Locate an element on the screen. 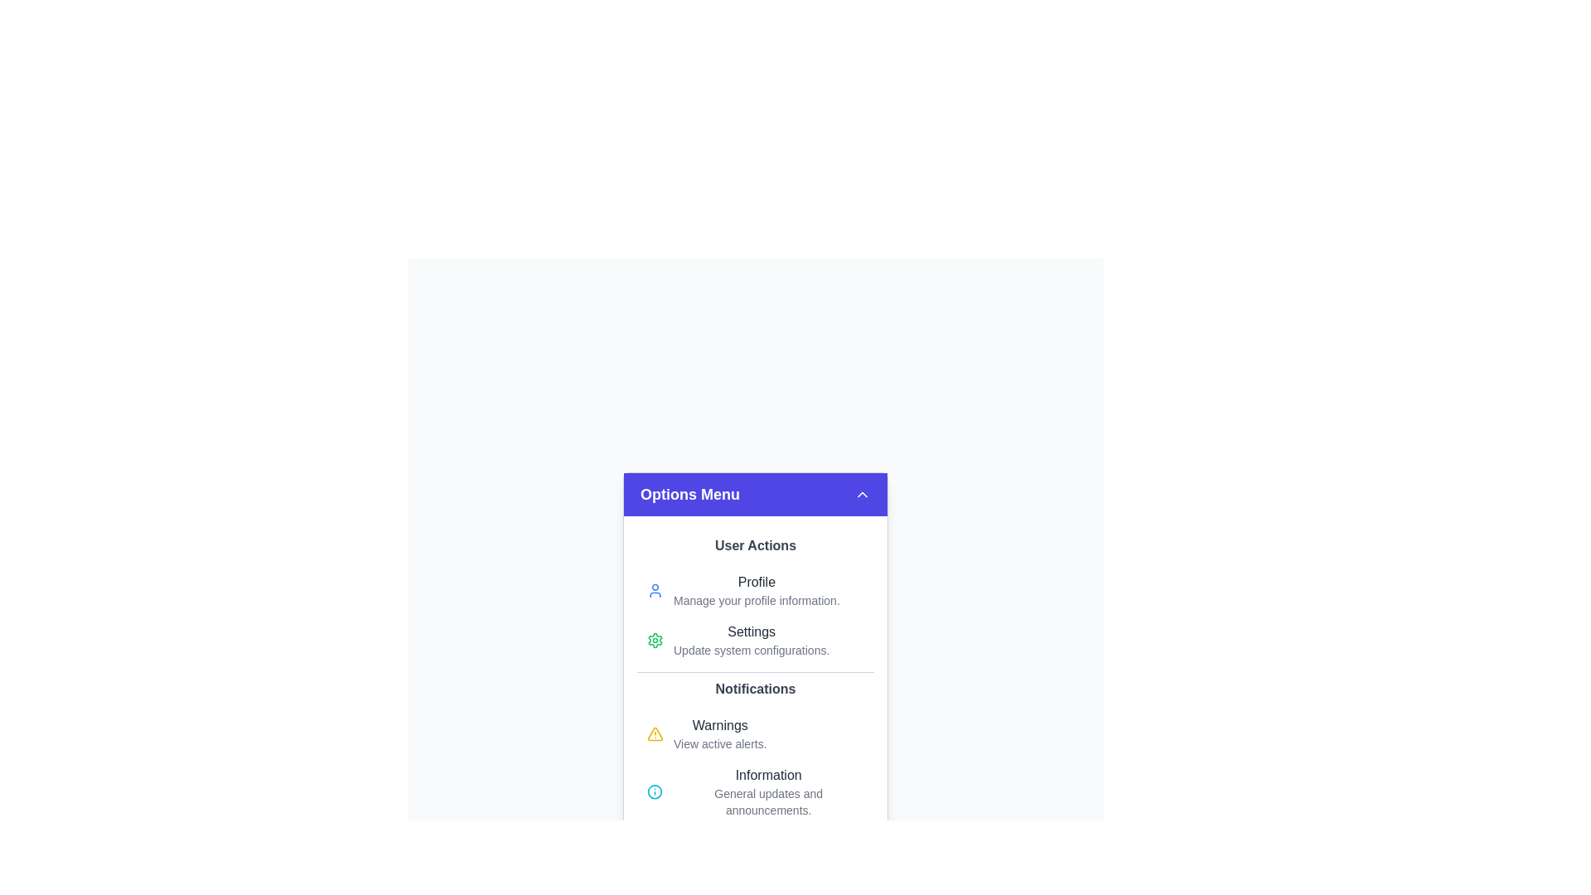 The image size is (1591, 895). the text label that serves as a heading for the configured options related to system settings in the User Actions category is located at coordinates (751, 632).